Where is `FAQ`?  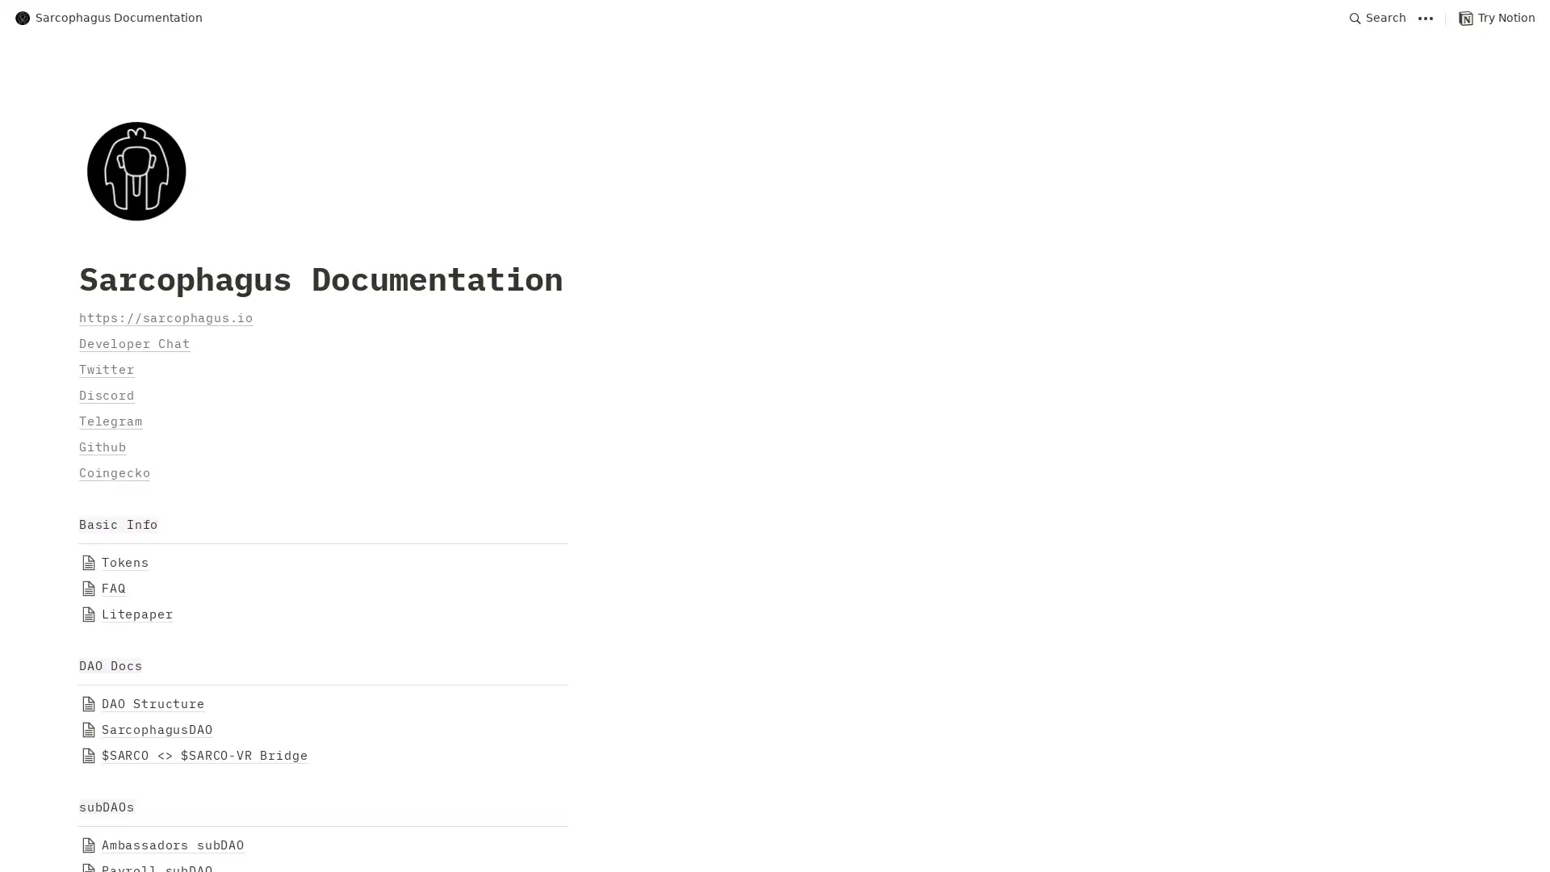 FAQ is located at coordinates (775, 589).